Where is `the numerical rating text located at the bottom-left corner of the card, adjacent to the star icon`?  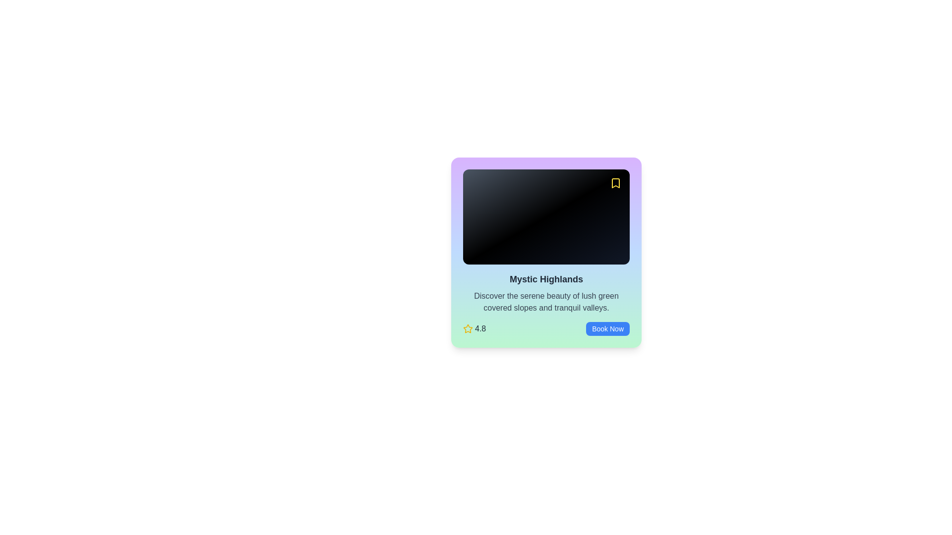 the numerical rating text located at the bottom-left corner of the card, adjacent to the star icon is located at coordinates (480, 328).